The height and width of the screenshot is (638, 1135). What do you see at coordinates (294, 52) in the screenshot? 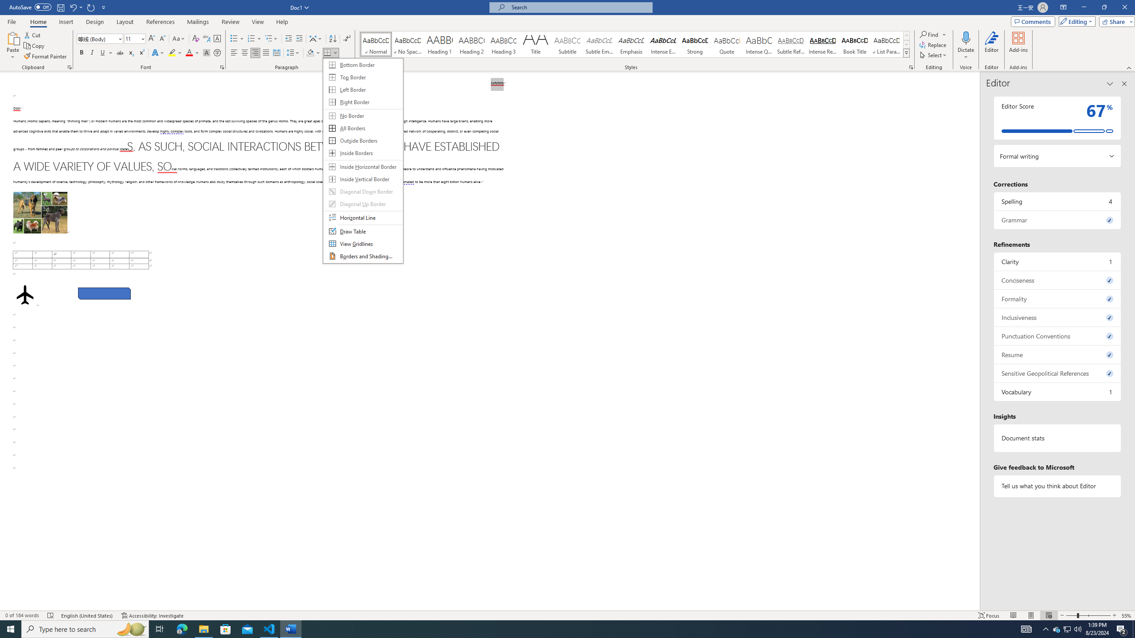
I see `'Line and Paragraph Spacing'` at bounding box center [294, 52].